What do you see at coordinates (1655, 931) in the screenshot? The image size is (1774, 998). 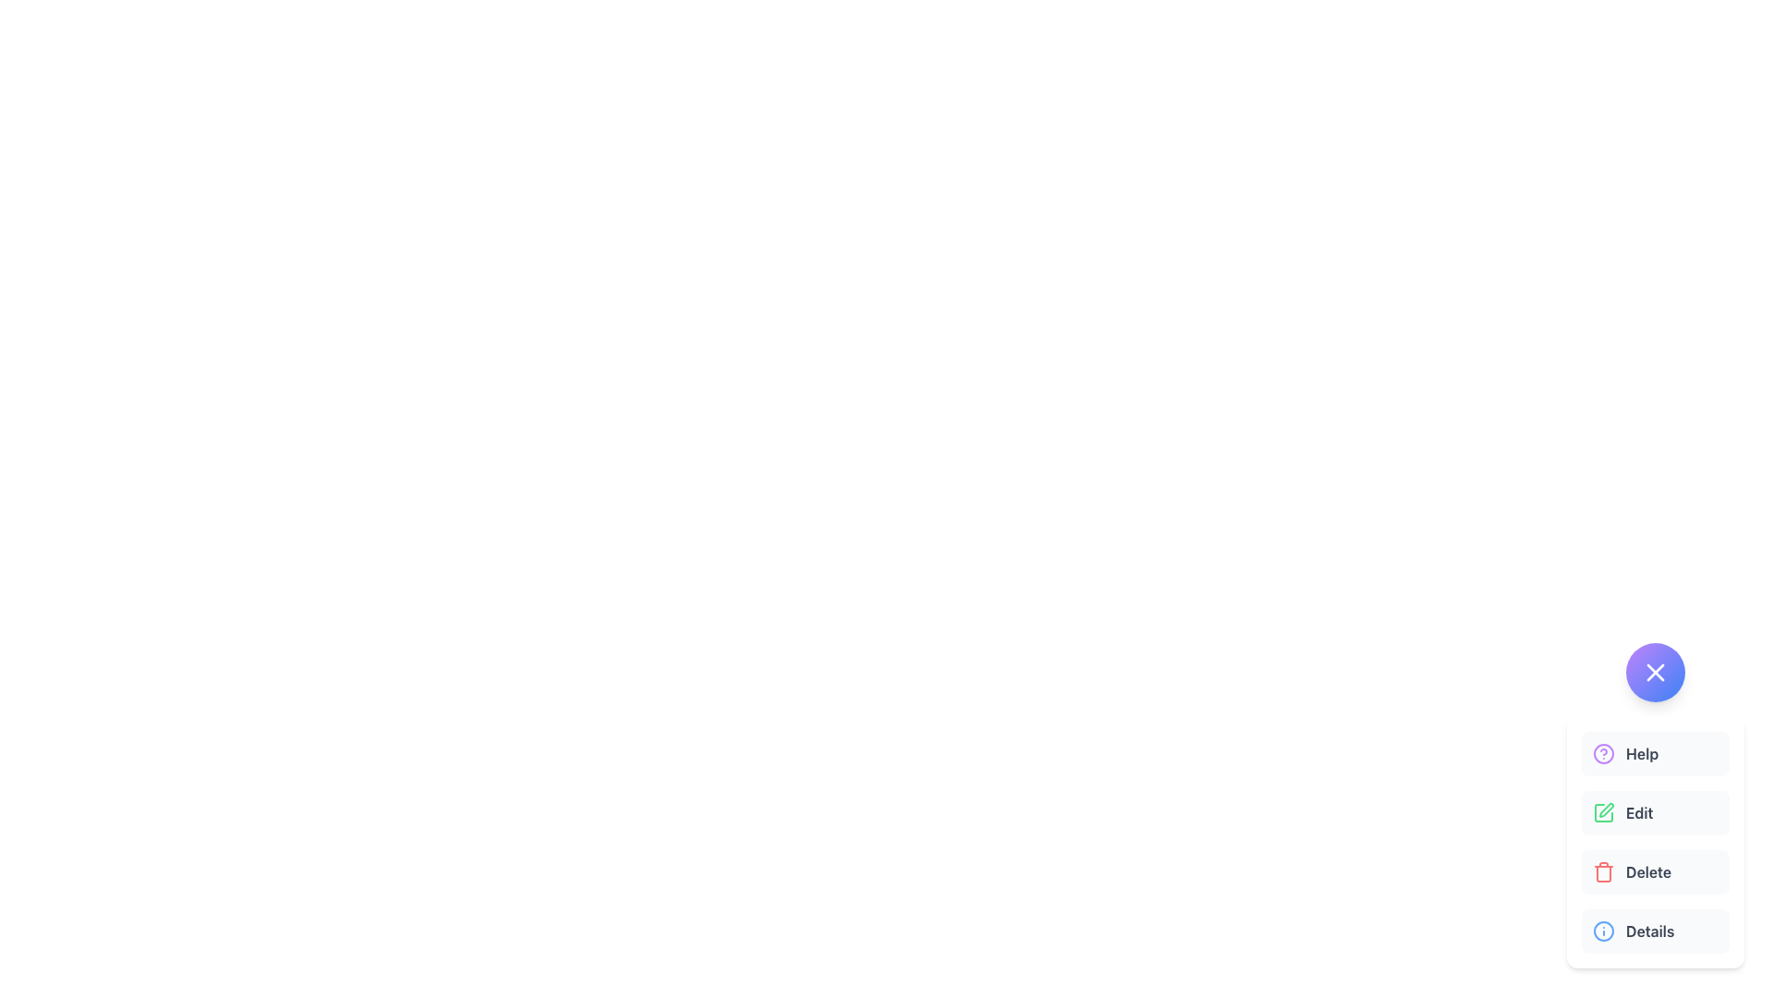 I see `the 'Details' button, which has a light gray background, rounded corners, an 'i' icon on the left, and bold dark gray text on the right, located at the bottom of a vertically aligned list of options` at bounding box center [1655, 931].